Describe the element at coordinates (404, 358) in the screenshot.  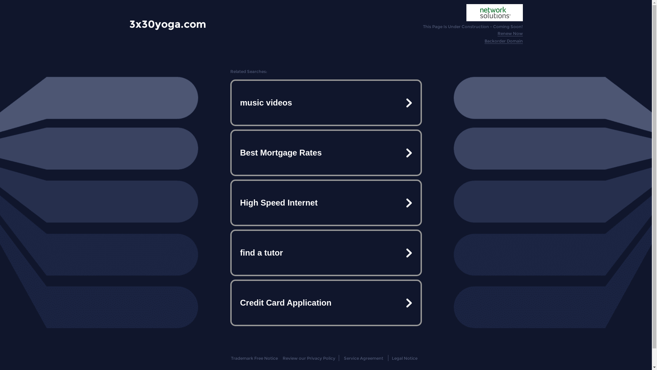
I see `'Legal Notice'` at that location.